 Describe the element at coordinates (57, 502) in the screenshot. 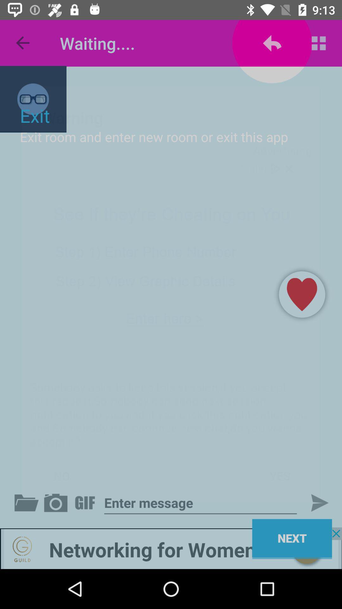

I see `the media` at that location.